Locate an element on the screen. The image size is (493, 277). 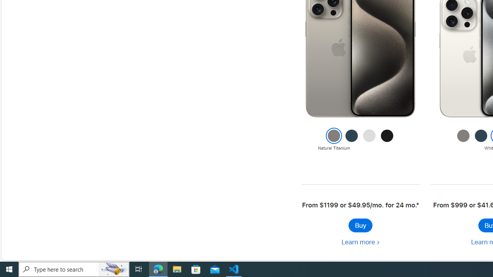
'Learn more about iPhone 15 Pro Max' is located at coordinates (360, 242).